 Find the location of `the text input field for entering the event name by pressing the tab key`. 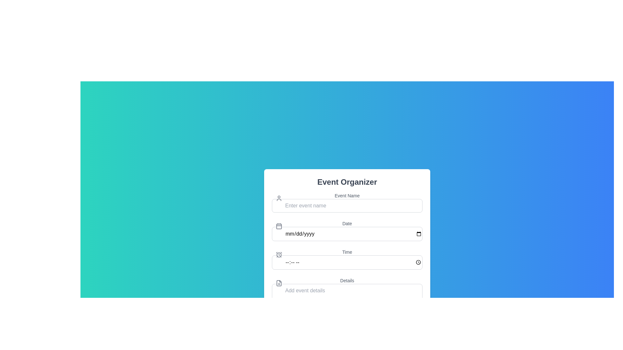

the text input field for entering the event name by pressing the tab key is located at coordinates (347, 205).